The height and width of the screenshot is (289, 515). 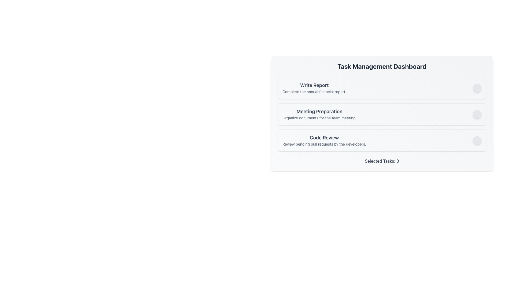 I want to click on the Static Text element displaying 'Review pending pull requests by the developers.' located below the 'Code Review' heading in the third task panel, so click(x=324, y=144).